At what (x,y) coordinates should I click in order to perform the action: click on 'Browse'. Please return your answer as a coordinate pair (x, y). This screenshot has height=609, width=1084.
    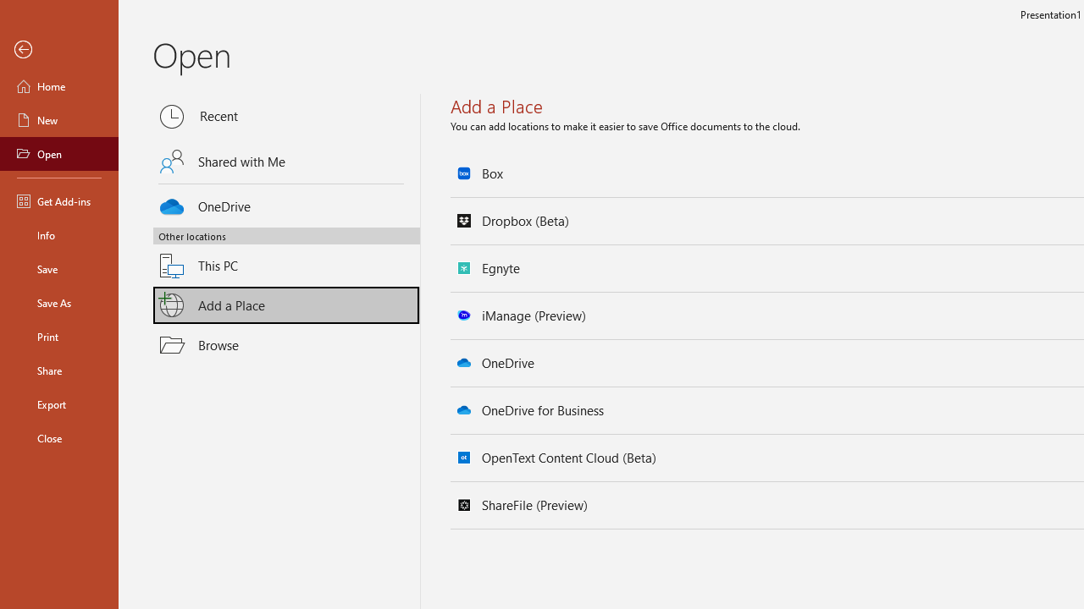
    Looking at the image, I should click on (286, 343).